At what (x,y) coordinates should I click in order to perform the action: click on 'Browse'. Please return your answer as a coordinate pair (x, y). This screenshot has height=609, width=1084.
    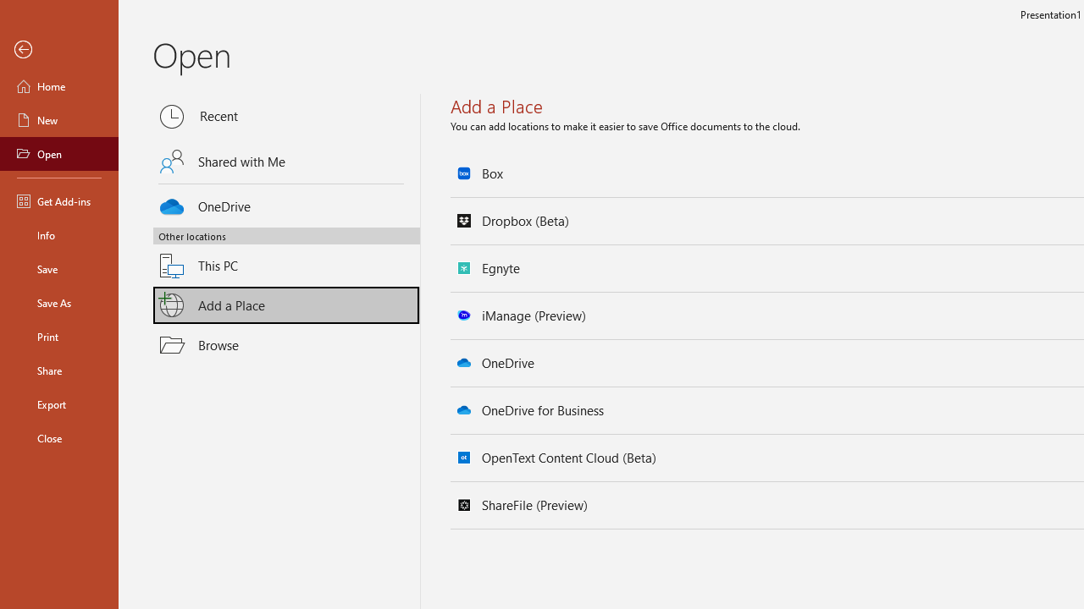
    Looking at the image, I should click on (286, 343).